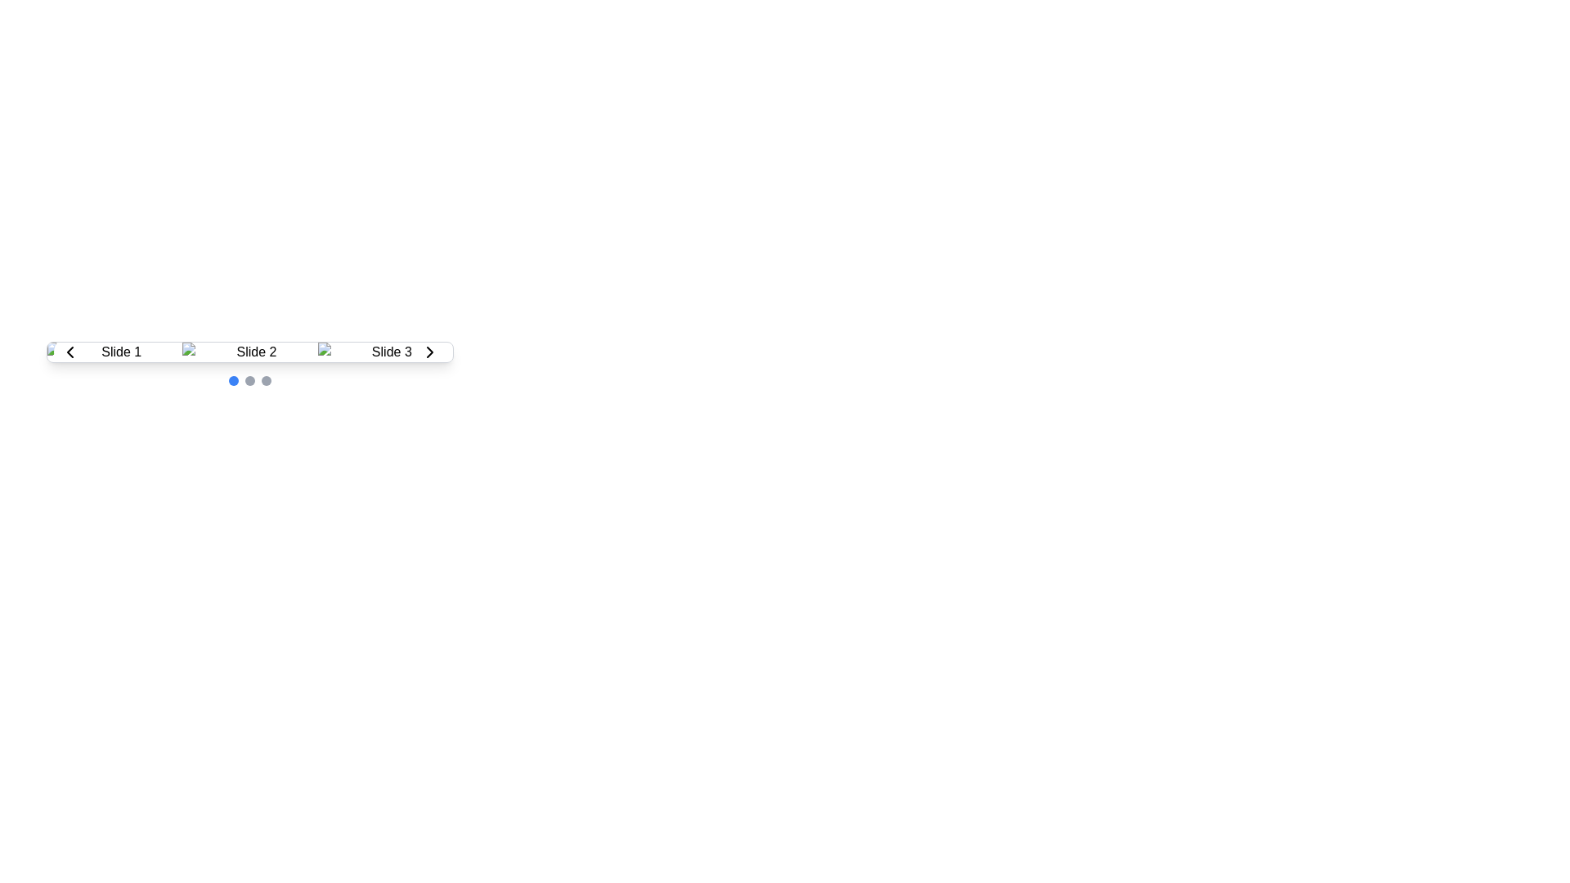 Image resolution: width=1570 pixels, height=883 pixels. I want to click on the second dot indicator in the carousel that visually identifies the currently displayed slide, so click(249, 362).